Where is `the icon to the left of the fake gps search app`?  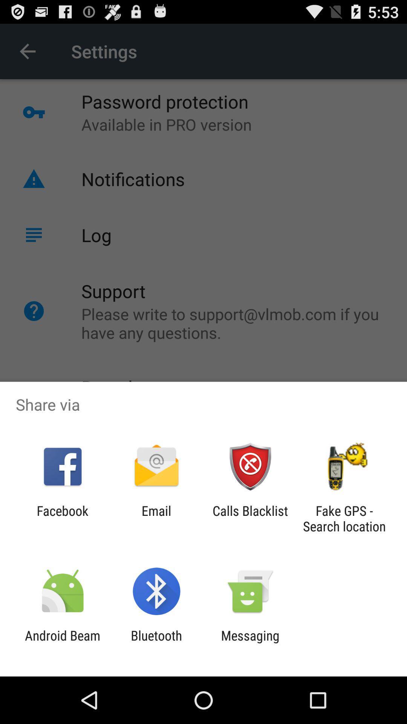
the icon to the left of the fake gps search app is located at coordinates (250, 518).